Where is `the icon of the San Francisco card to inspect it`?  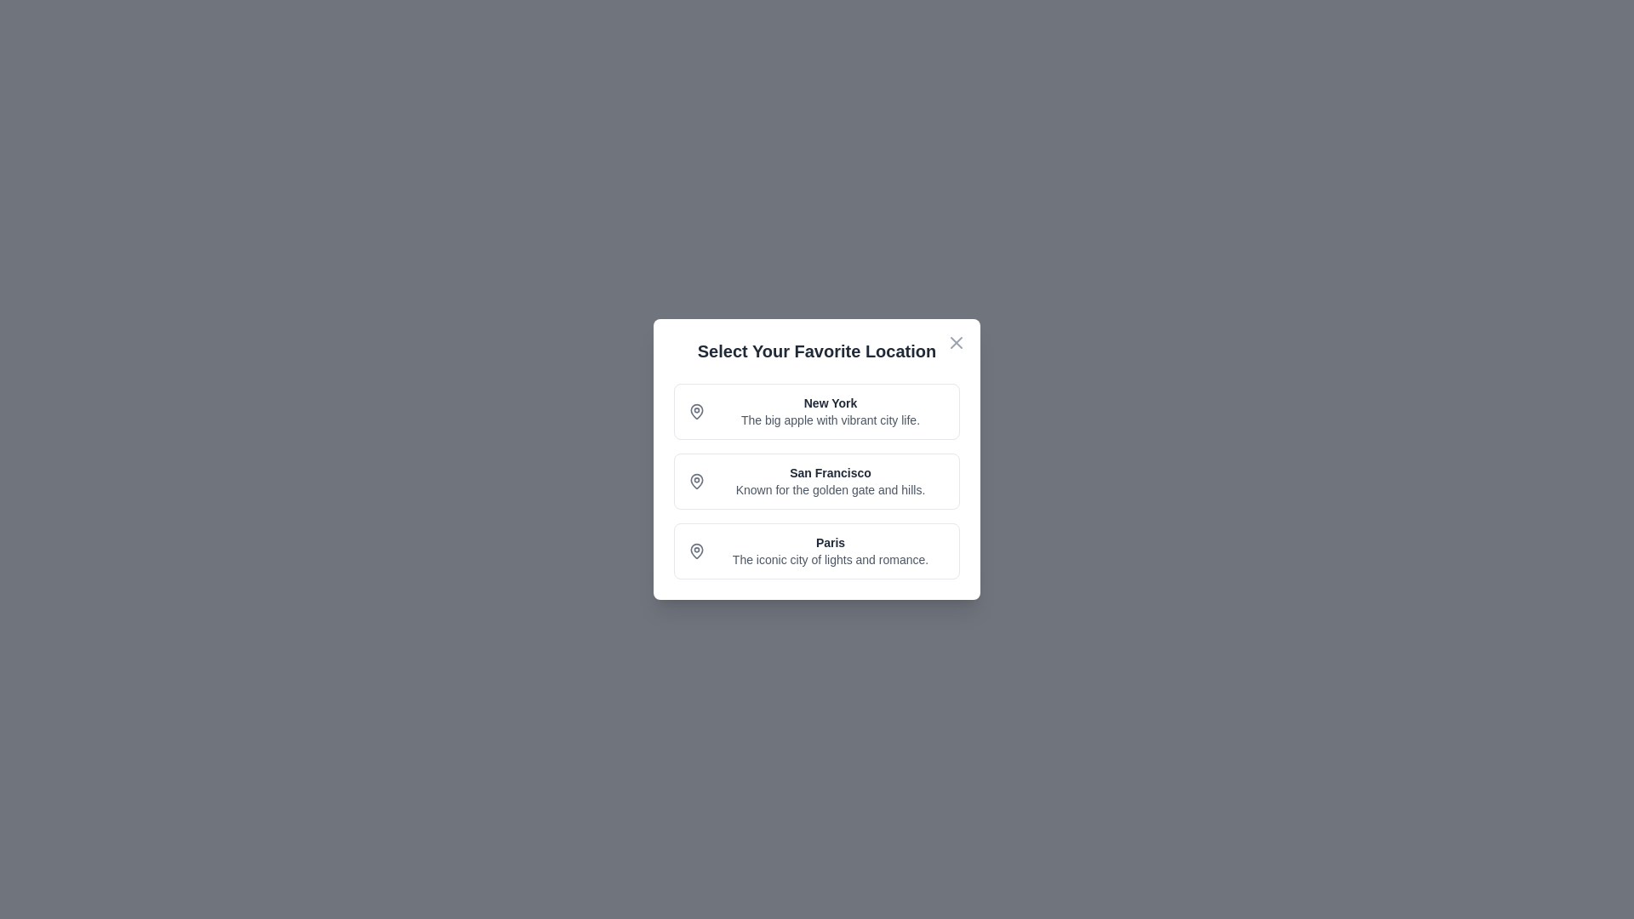
the icon of the San Francisco card to inspect it is located at coordinates (697, 482).